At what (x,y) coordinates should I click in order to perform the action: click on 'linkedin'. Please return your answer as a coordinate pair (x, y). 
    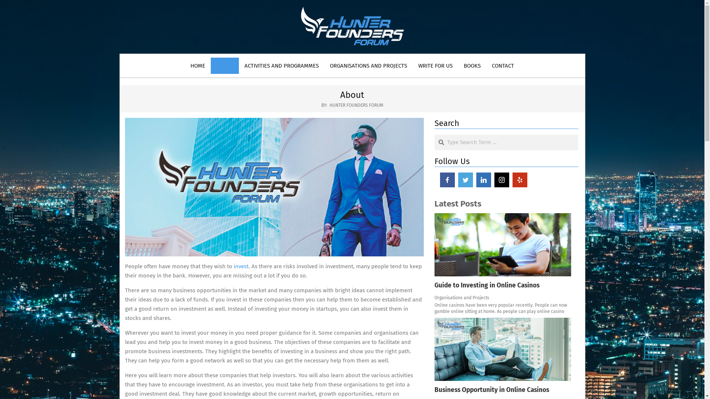
    Looking at the image, I should click on (483, 180).